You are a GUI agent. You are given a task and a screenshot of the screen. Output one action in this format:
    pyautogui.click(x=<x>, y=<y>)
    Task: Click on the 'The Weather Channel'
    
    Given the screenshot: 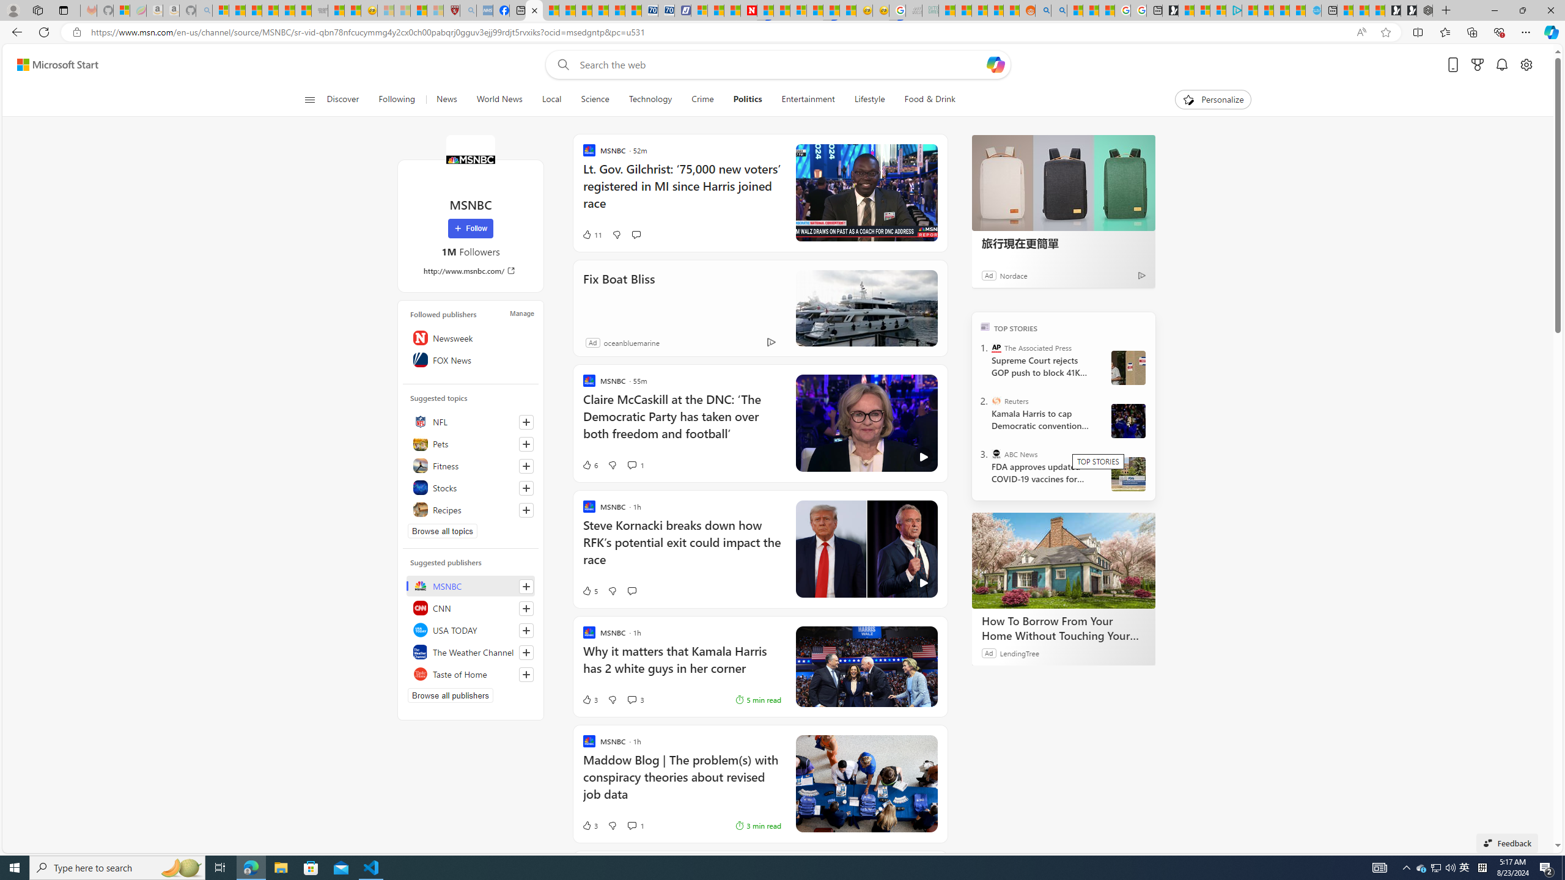 What is the action you would take?
    pyautogui.click(x=471, y=651)
    